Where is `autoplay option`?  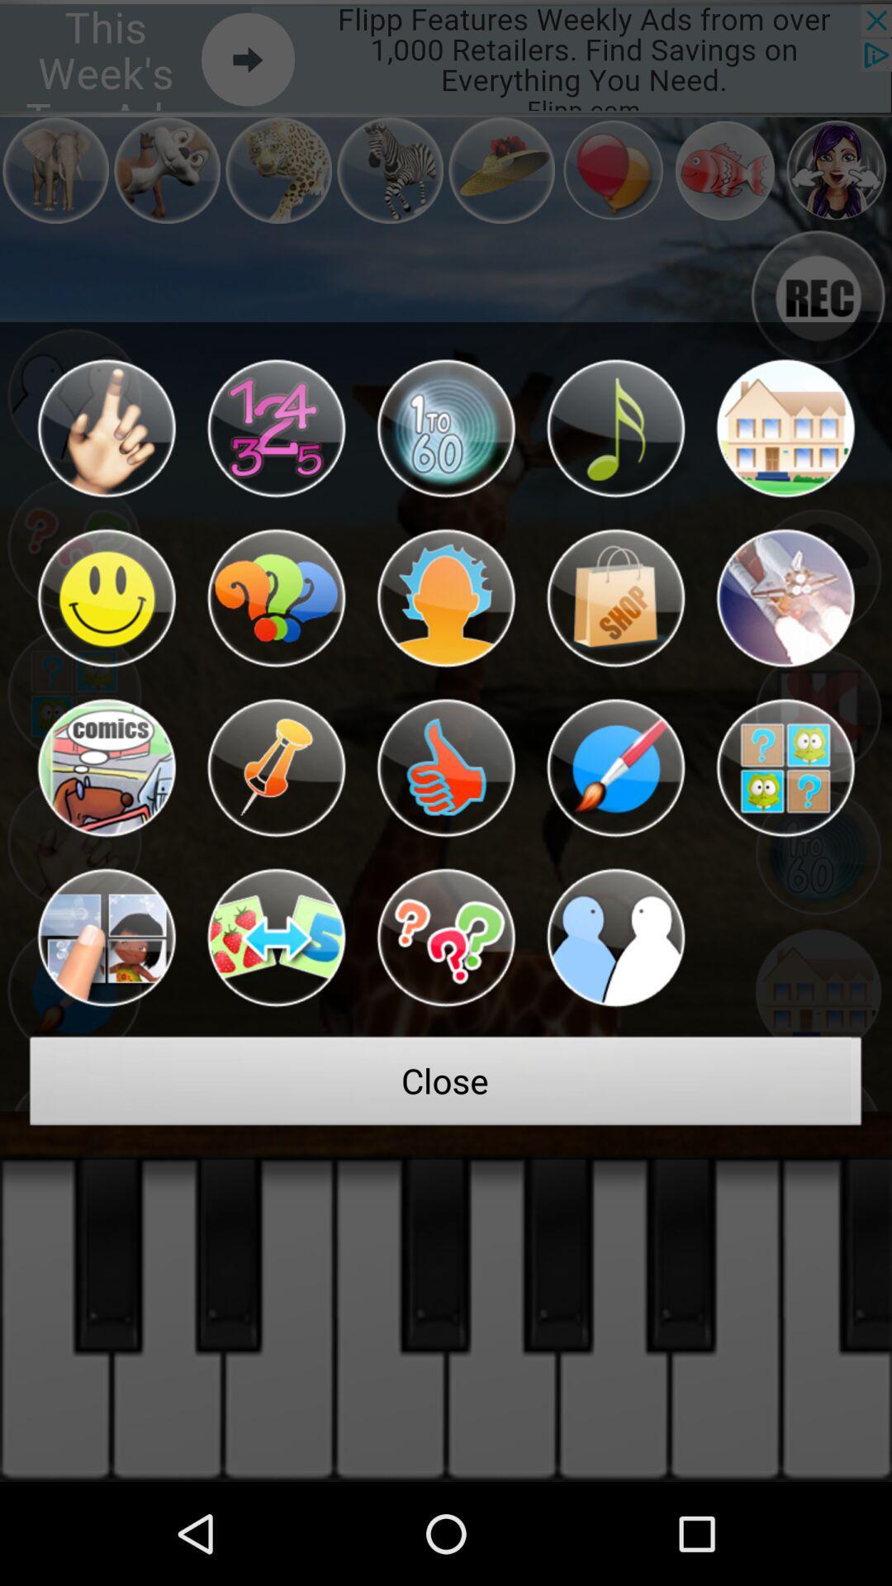 autoplay option is located at coordinates (446, 767).